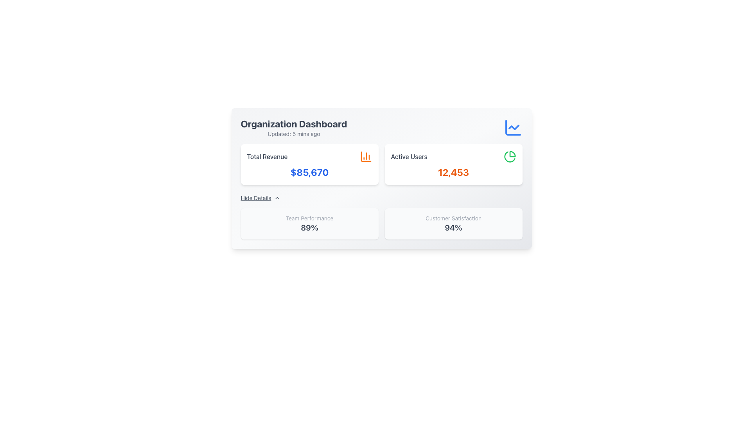 The image size is (751, 422). I want to click on percentage value (89%) displayed on the Informational card labeled 'Team Performance', located in the lower left section of the interface, under the heading 'Hide Details', so click(309, 224).